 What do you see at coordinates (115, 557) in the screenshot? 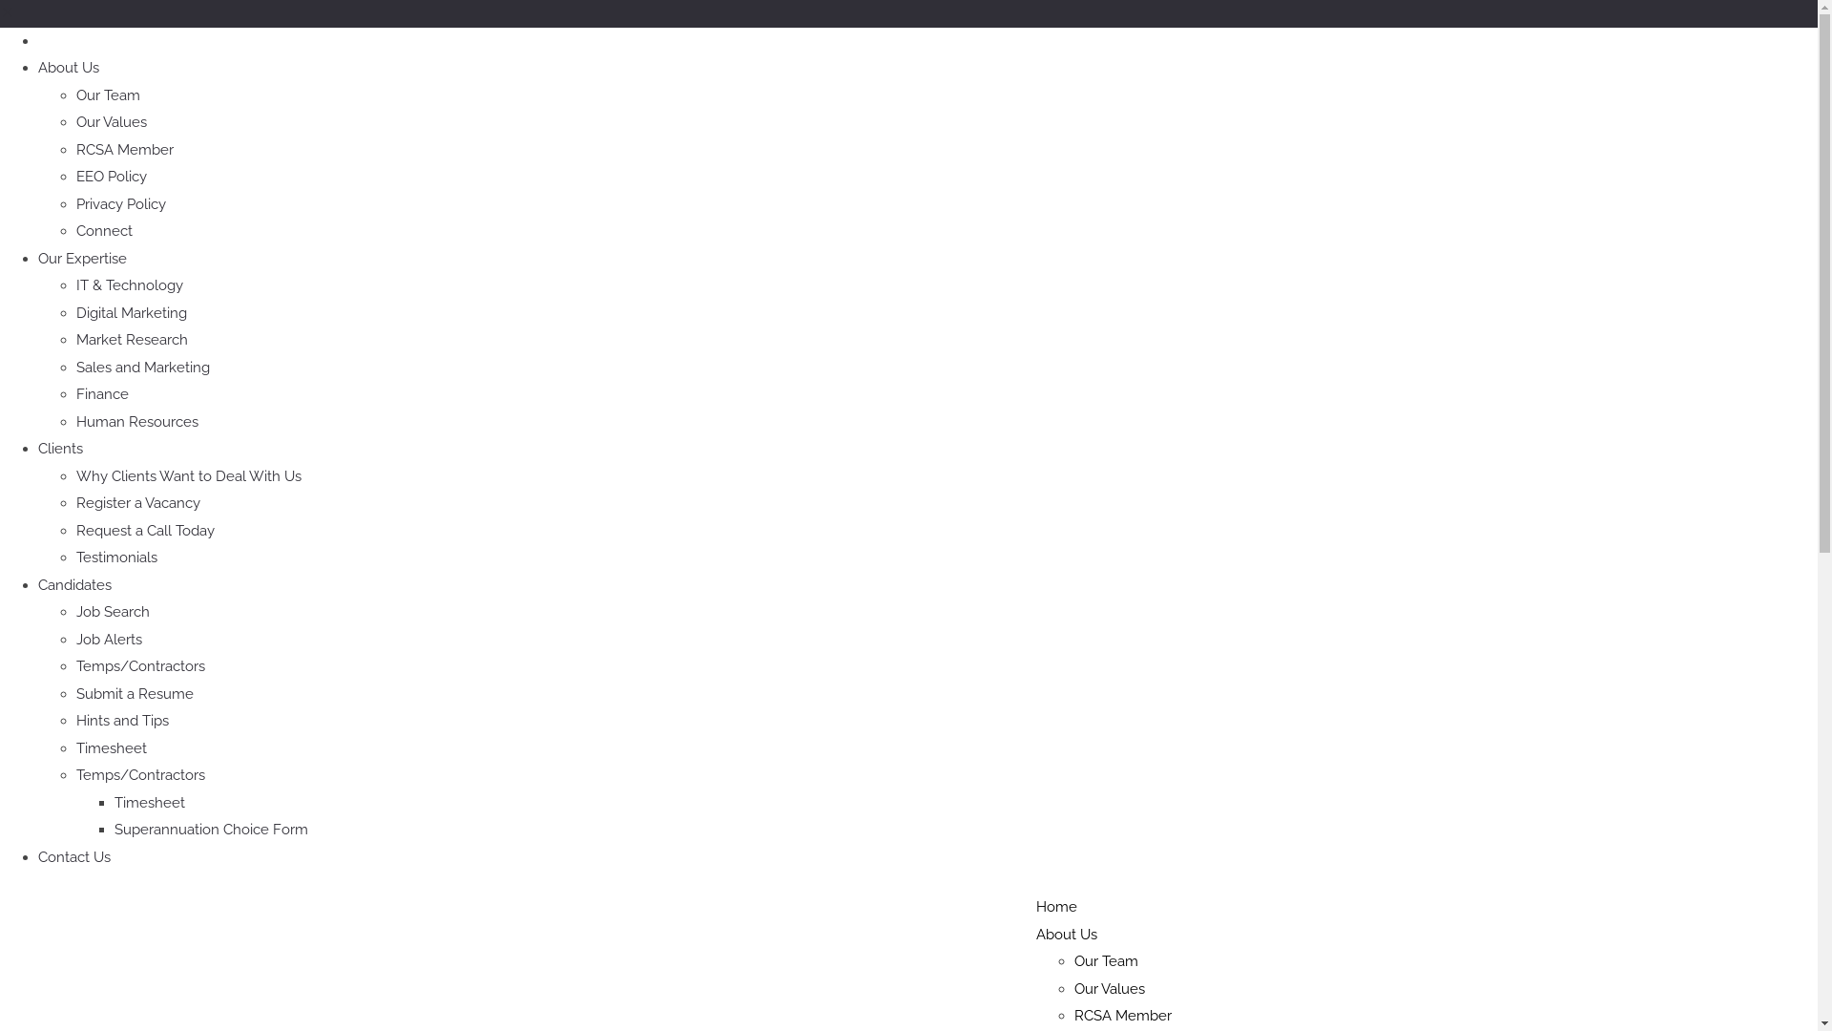
I see `'Testimonials'` at bounding box center [115, 557].